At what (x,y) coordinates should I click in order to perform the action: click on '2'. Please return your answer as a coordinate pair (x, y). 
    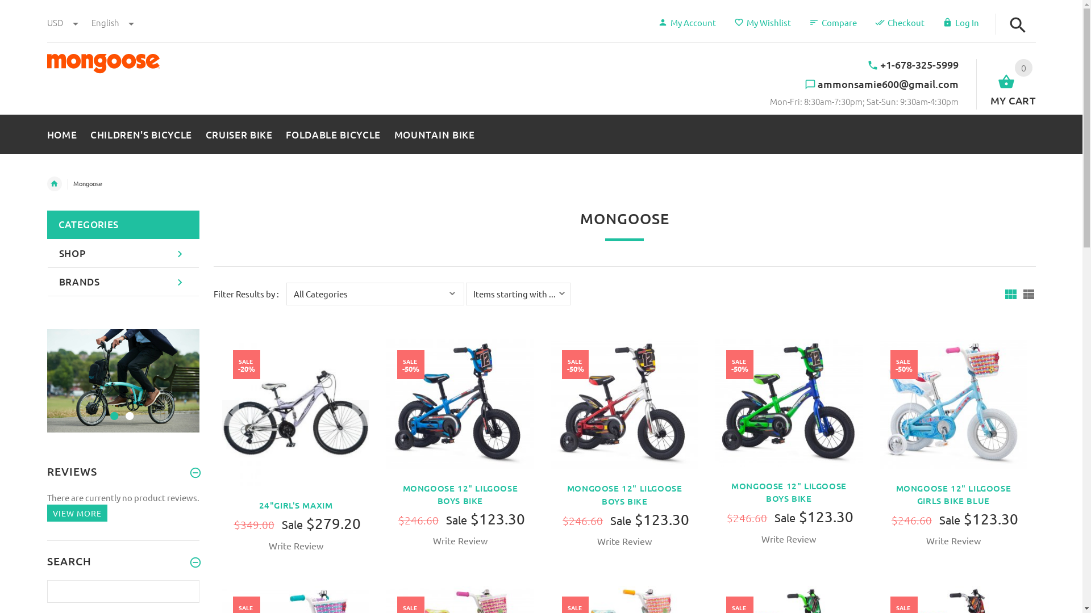
    Looking at the image, I should click on (128, 409).